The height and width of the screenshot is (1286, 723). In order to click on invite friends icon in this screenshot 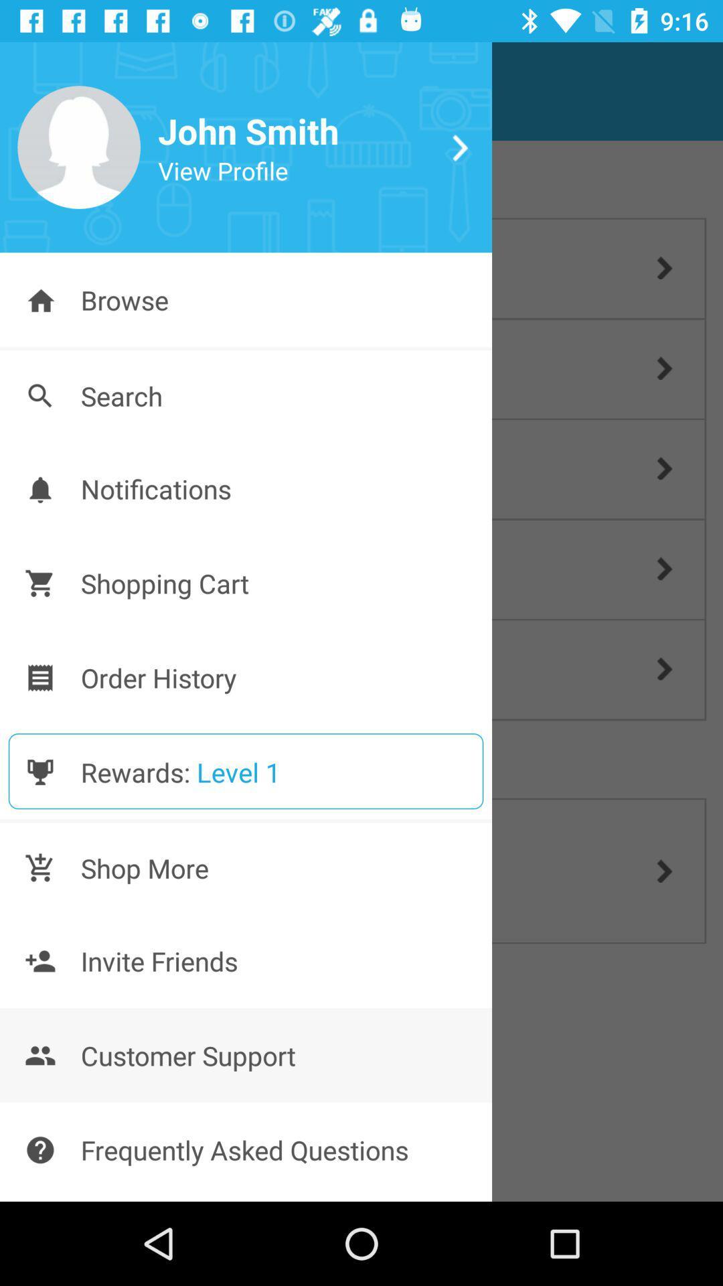, I will do `click(39, 960)`.